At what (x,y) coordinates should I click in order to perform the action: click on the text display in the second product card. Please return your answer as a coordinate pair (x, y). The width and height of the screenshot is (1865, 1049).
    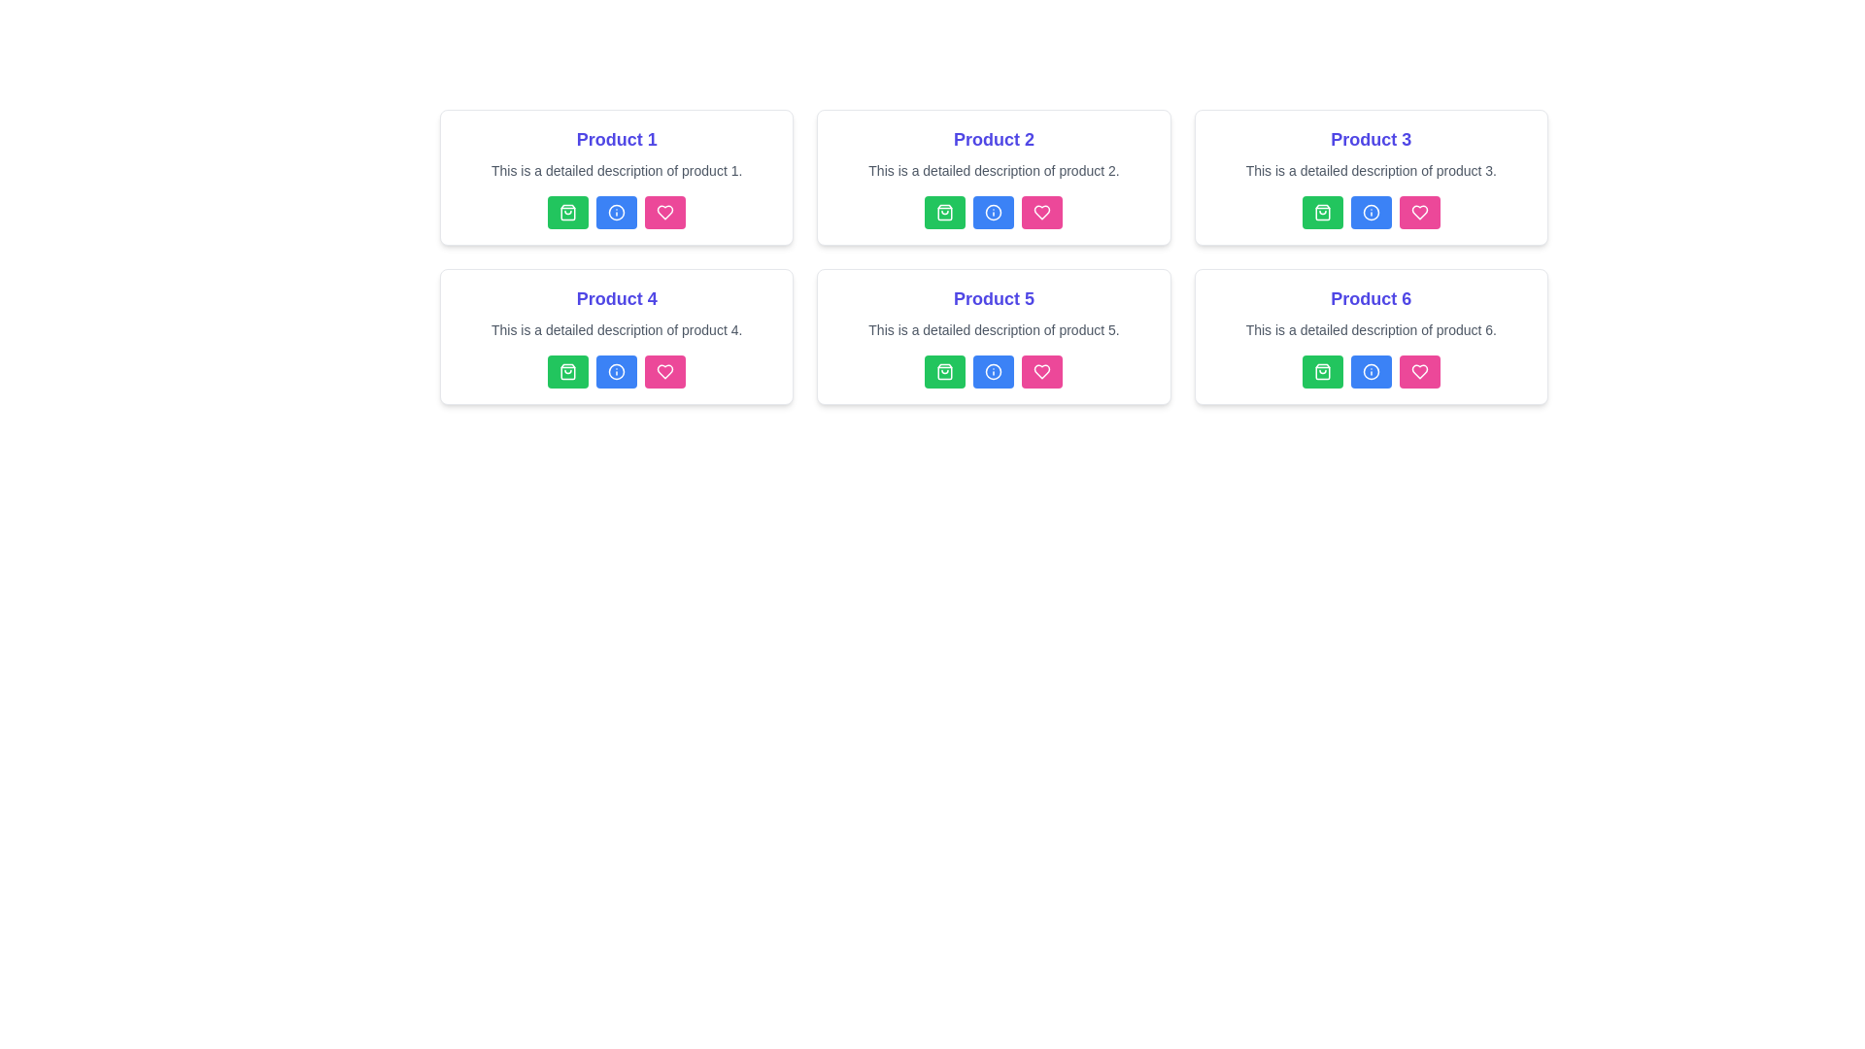
    Looking at the image, I should click on (994, 138).